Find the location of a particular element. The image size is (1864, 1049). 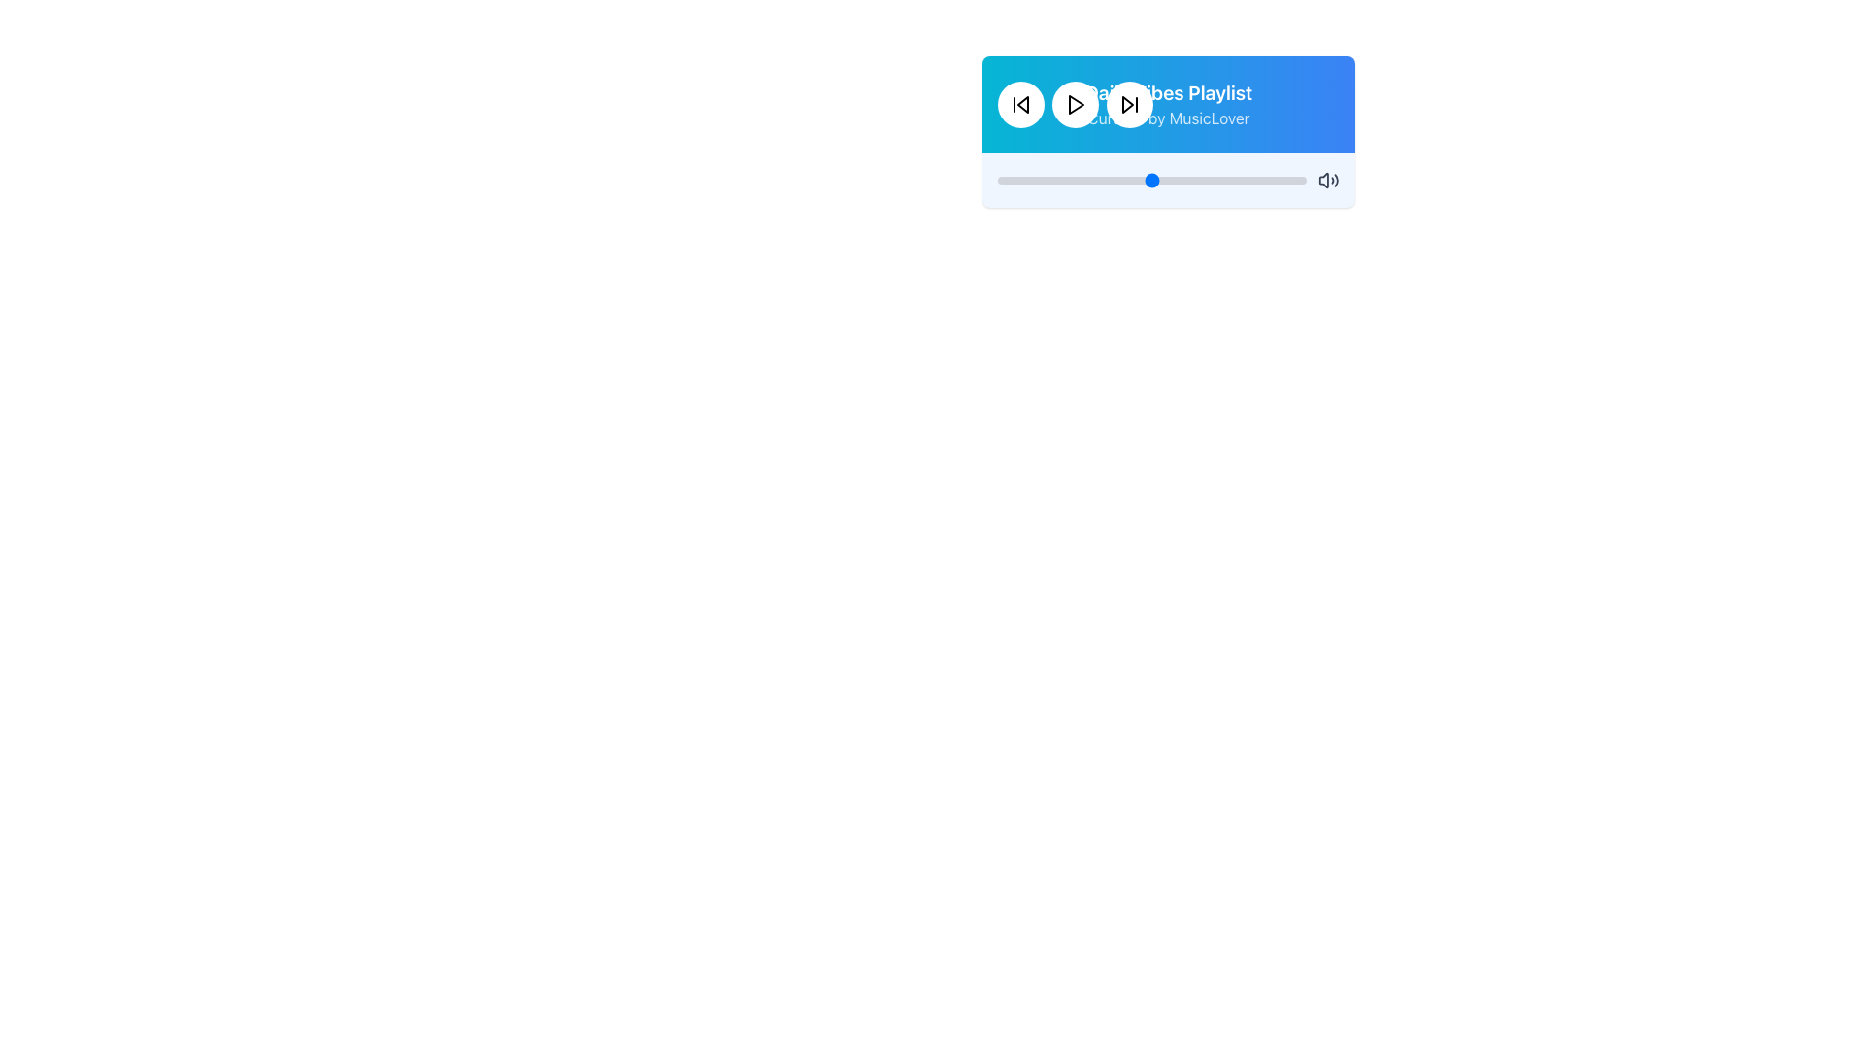

the skip backward button located at the top-left corner of the media control interface is located at coordinates (1019, 105).